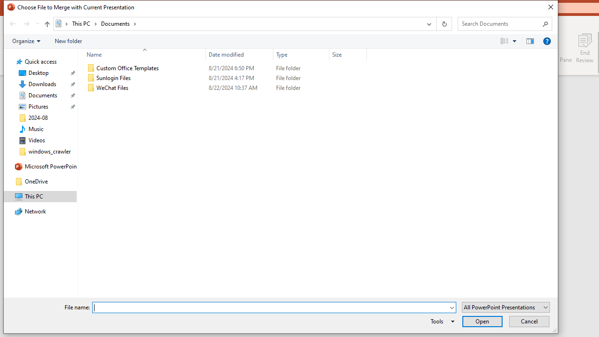 The width and height of the screenshot is (599, 337). Describe the element at coordinates (23, 23) in the screenshot. I see `'Navigation buttons'` at that location.